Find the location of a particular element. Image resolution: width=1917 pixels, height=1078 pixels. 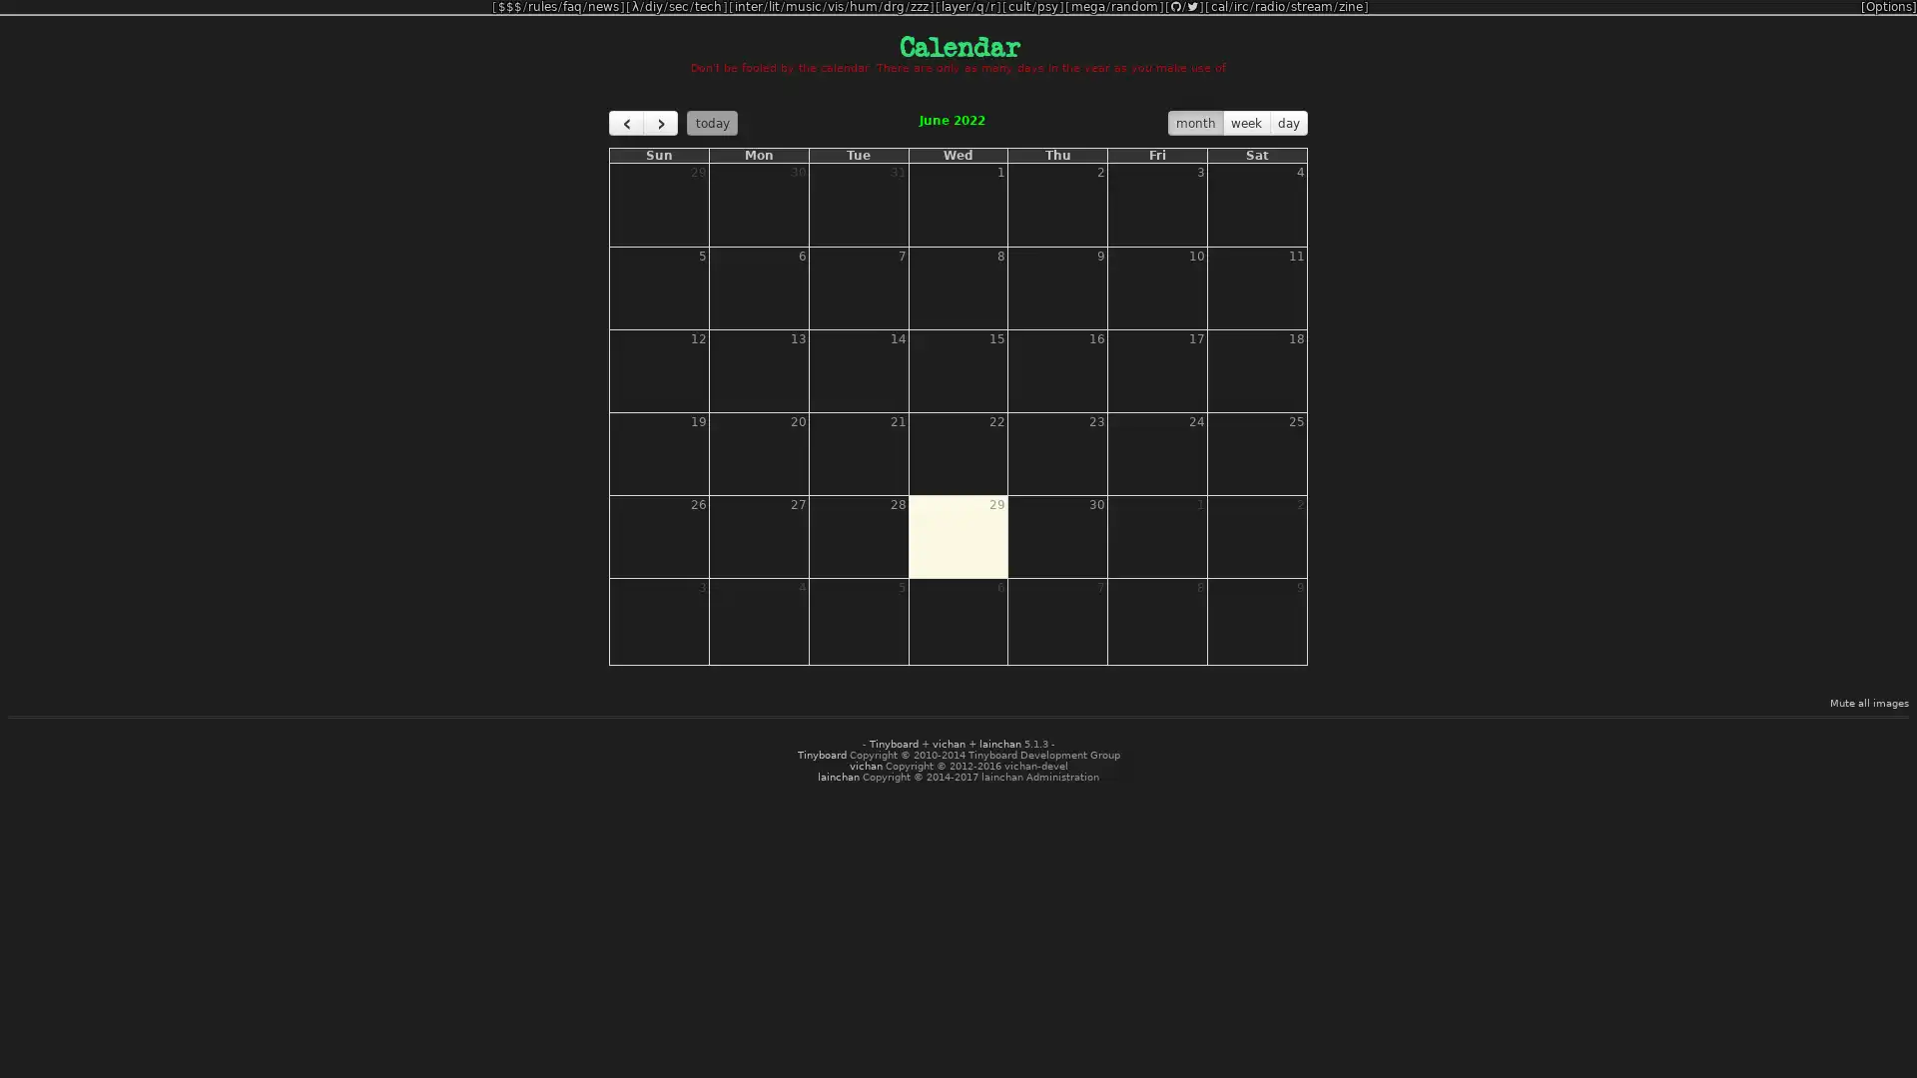

day is located at coordinates (1288, 123).